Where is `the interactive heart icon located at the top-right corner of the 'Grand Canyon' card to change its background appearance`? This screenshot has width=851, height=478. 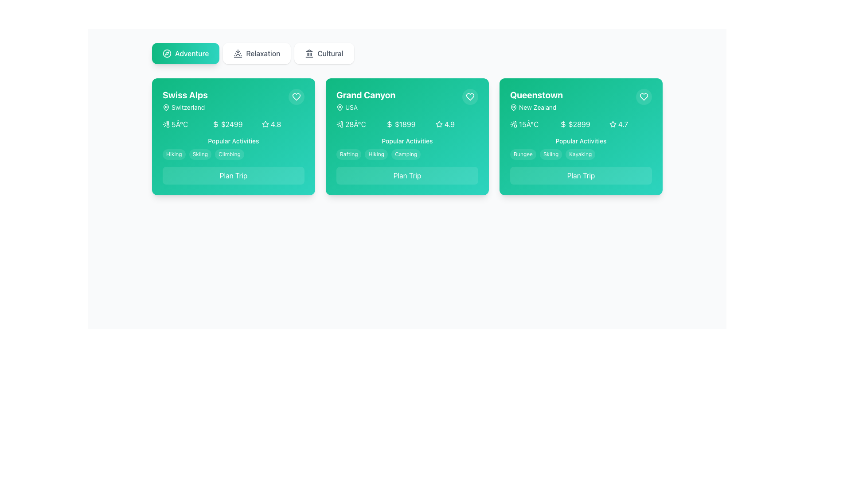
the interactive heart icon located at the top-right corner of the 'Grand Canyon' card to change its background appearance is located at coordinates (469, 97).